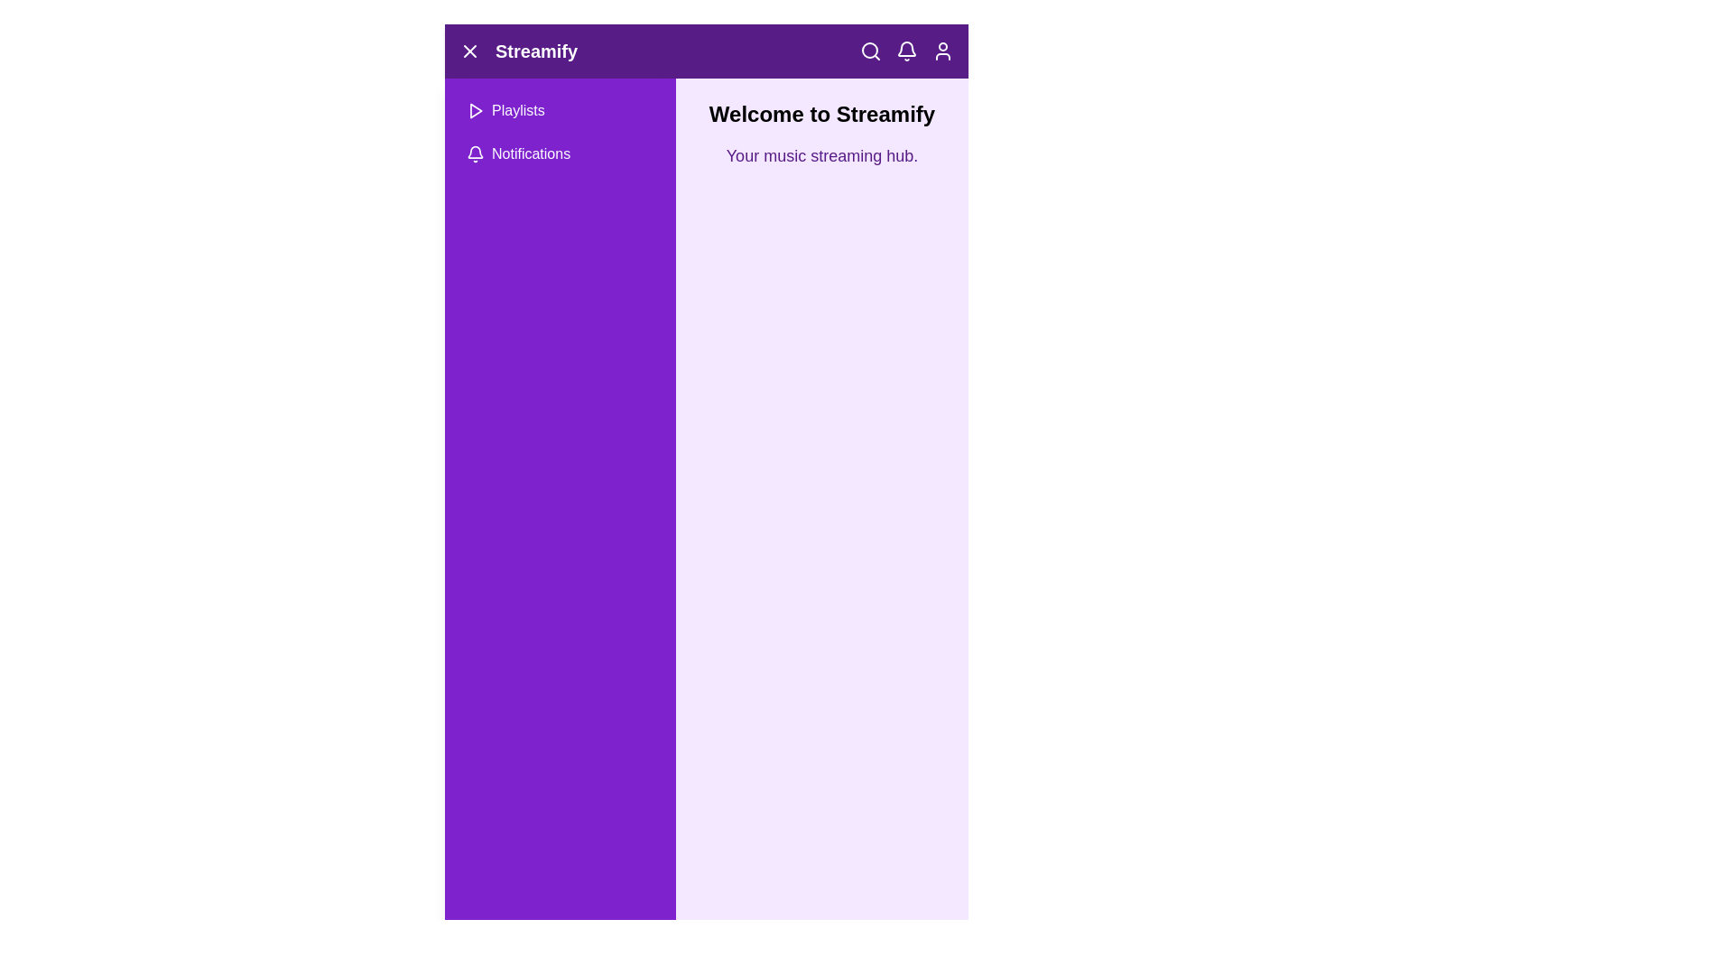 This screenshot has width=1733, height=975. What do you see at coordinates (559, 153) in the screenshot?
I see `the 'Notifications' button located in the vertical sidebar, which is the second option below the 'Playlists' button` at bounding box center [559, 153].